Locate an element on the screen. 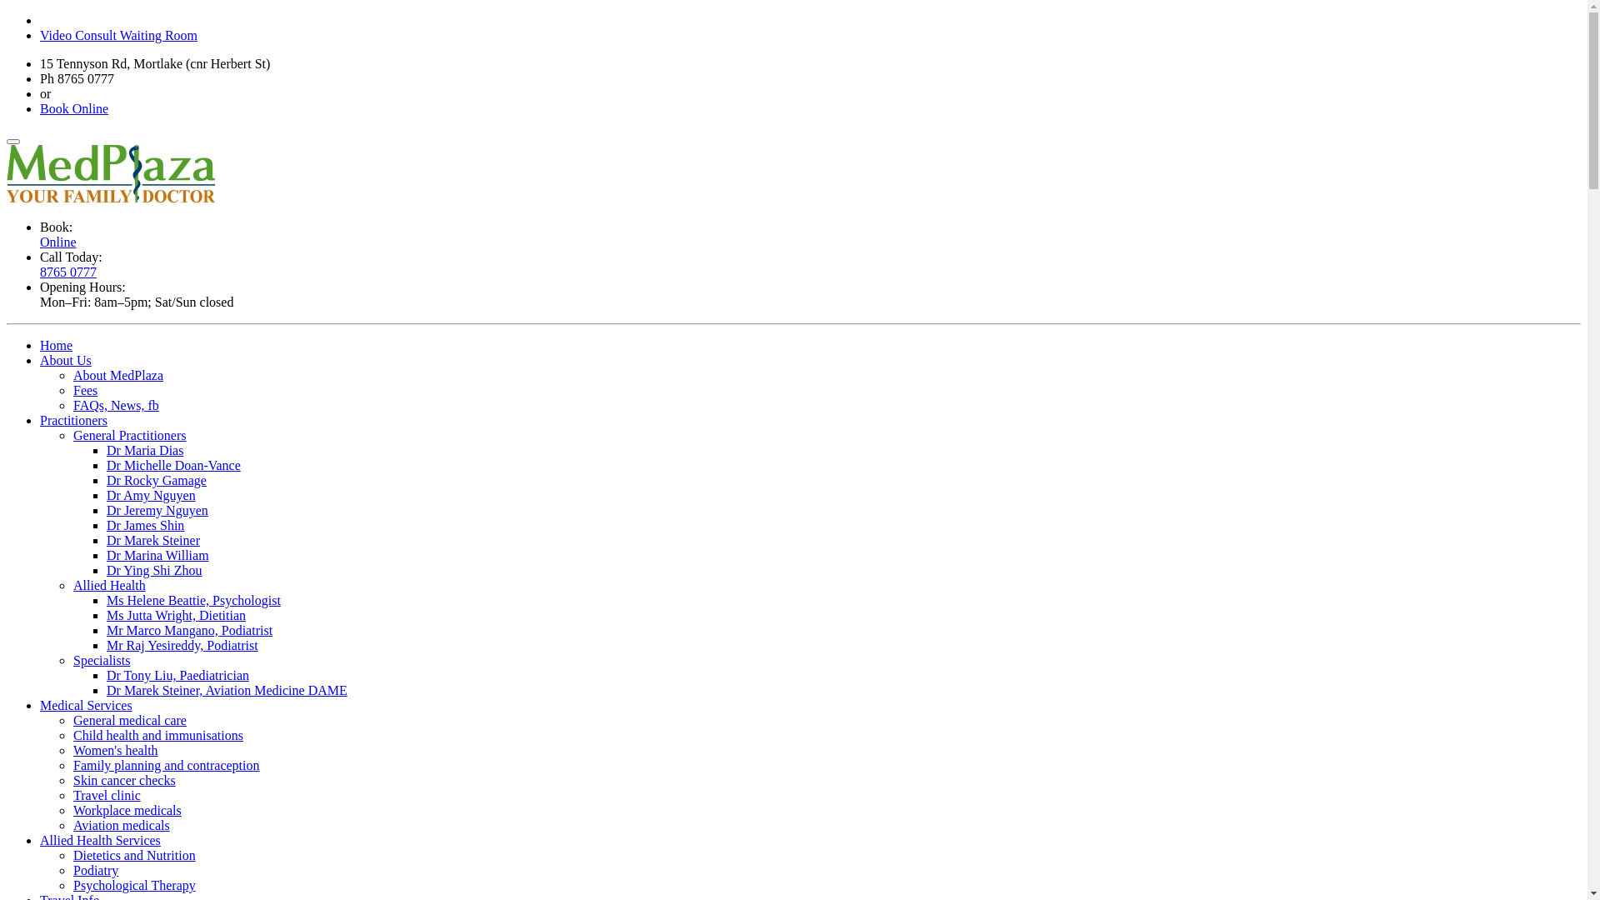  'Women's health' is located at coordinates (115, 750).